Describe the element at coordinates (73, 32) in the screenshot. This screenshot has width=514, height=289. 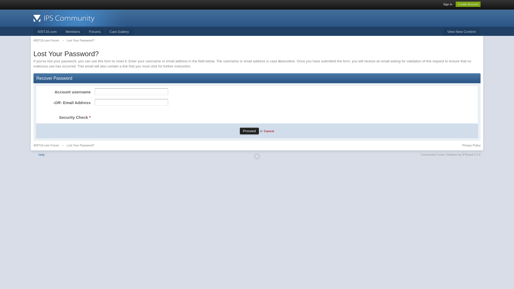
I see `'Members'` at that location.